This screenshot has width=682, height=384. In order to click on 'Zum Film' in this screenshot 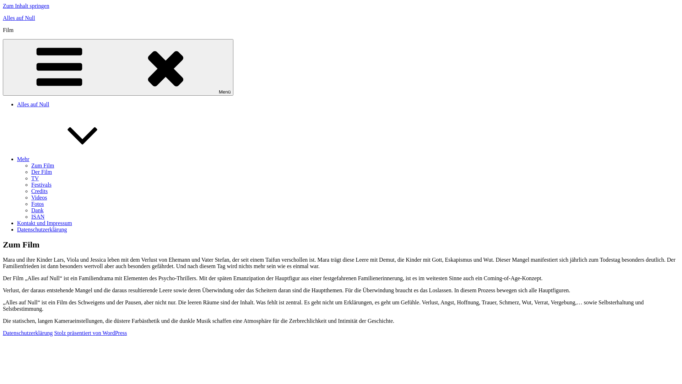, I will do `click(42, 165)`.